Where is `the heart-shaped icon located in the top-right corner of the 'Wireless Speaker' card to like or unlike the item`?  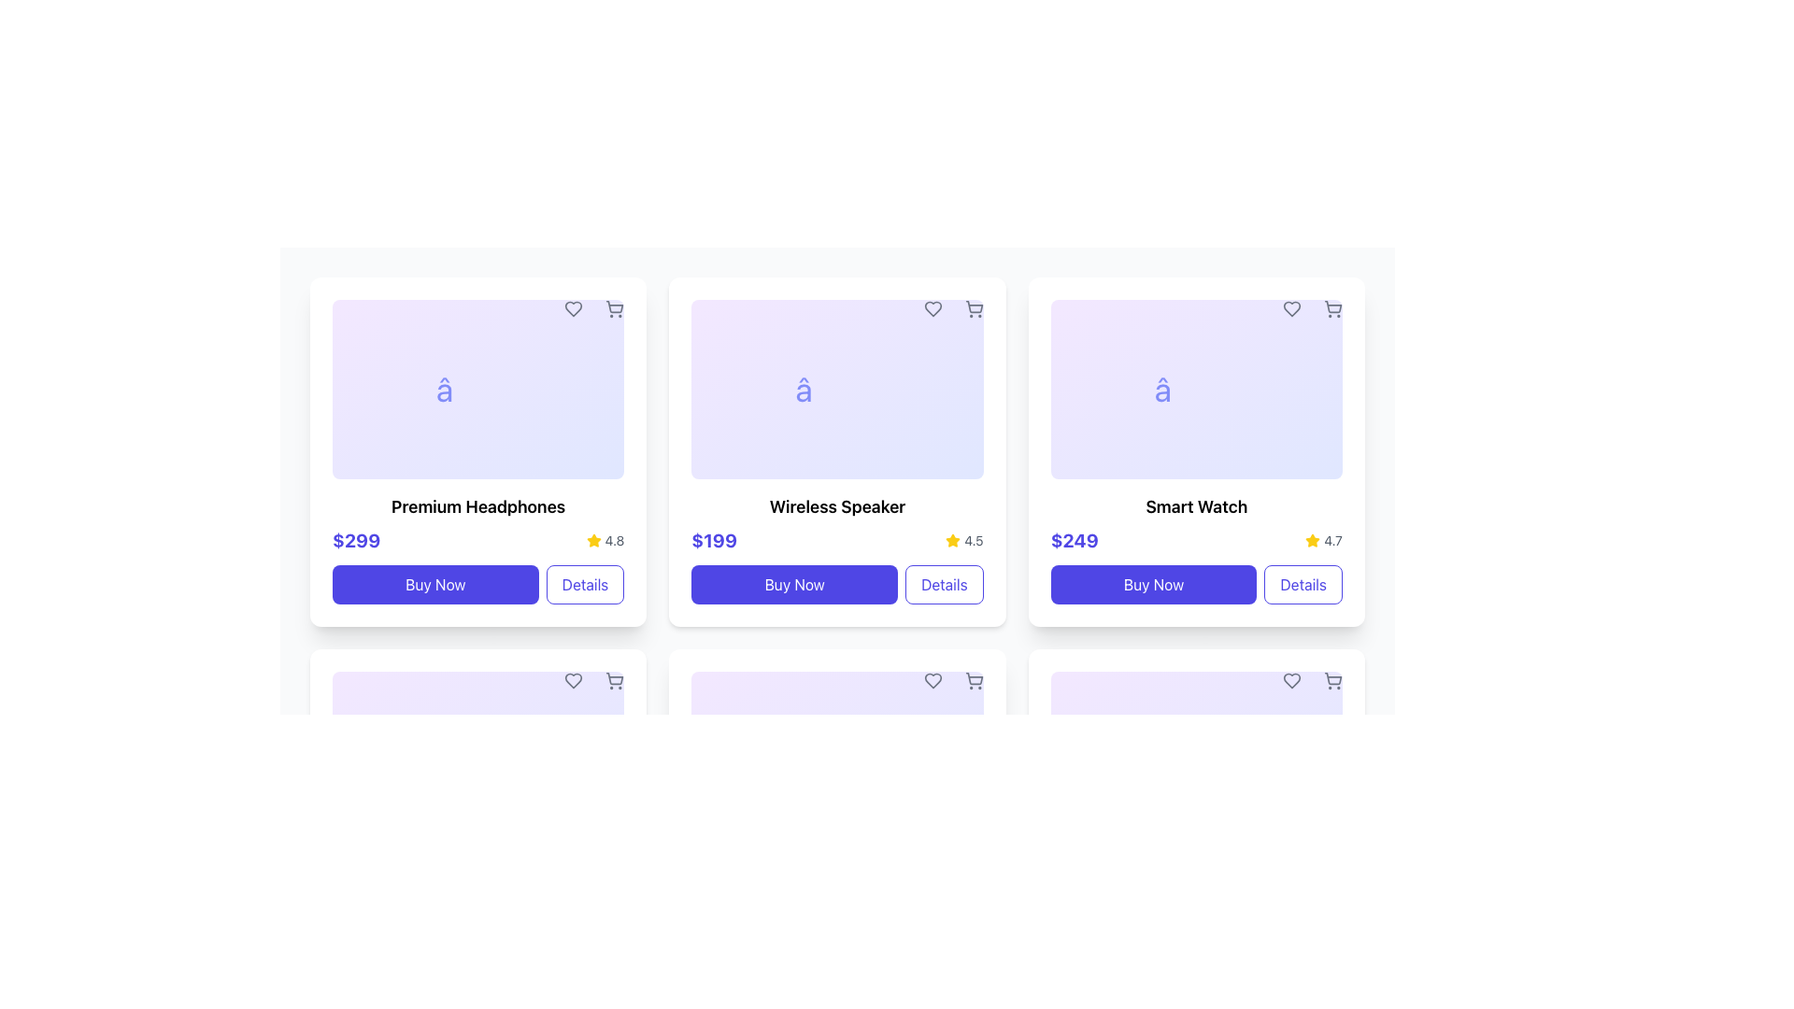 the heart-shaped icon located in the top-right corner of the 'Wireless Speaker' card to like or unlike the item is located at coordinates (933, 681).